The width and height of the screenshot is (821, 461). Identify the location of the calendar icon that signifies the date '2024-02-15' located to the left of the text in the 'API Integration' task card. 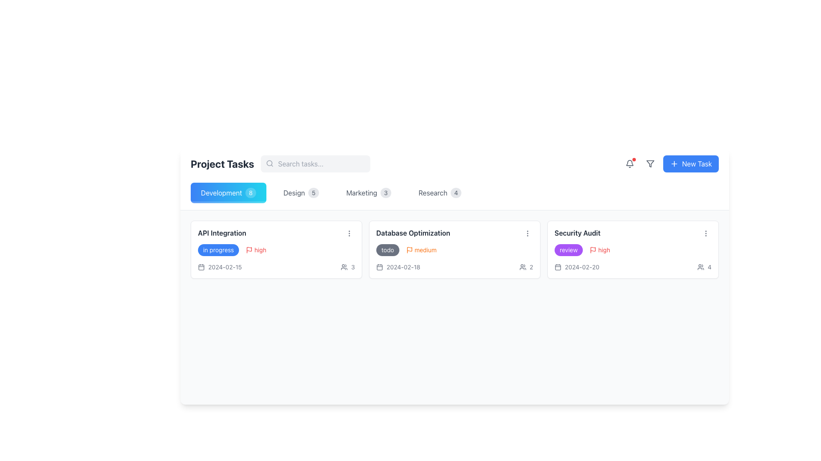
(201, 266).